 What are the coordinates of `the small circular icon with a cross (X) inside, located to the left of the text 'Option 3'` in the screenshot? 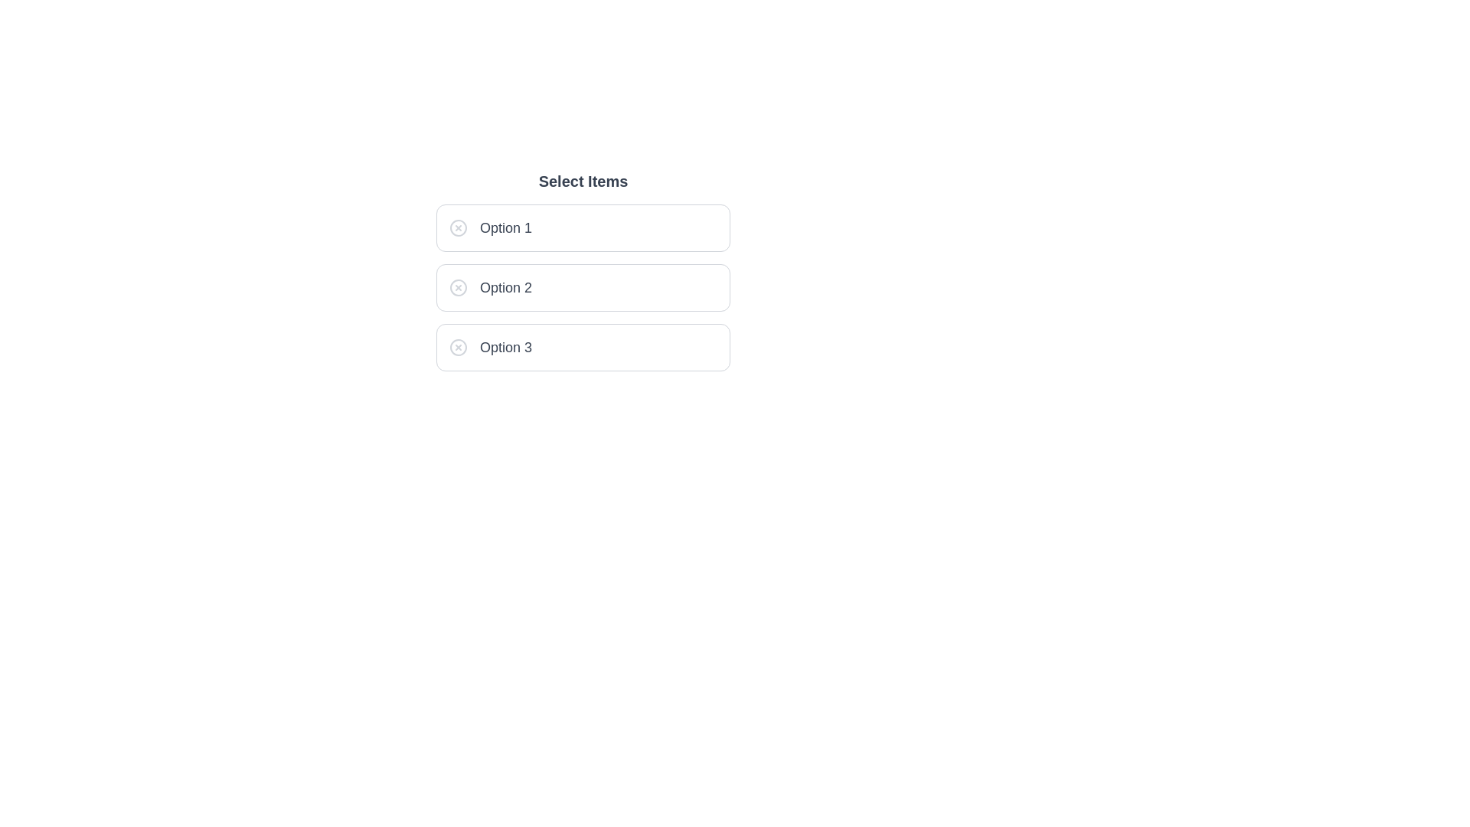 It's located at (458, 348).